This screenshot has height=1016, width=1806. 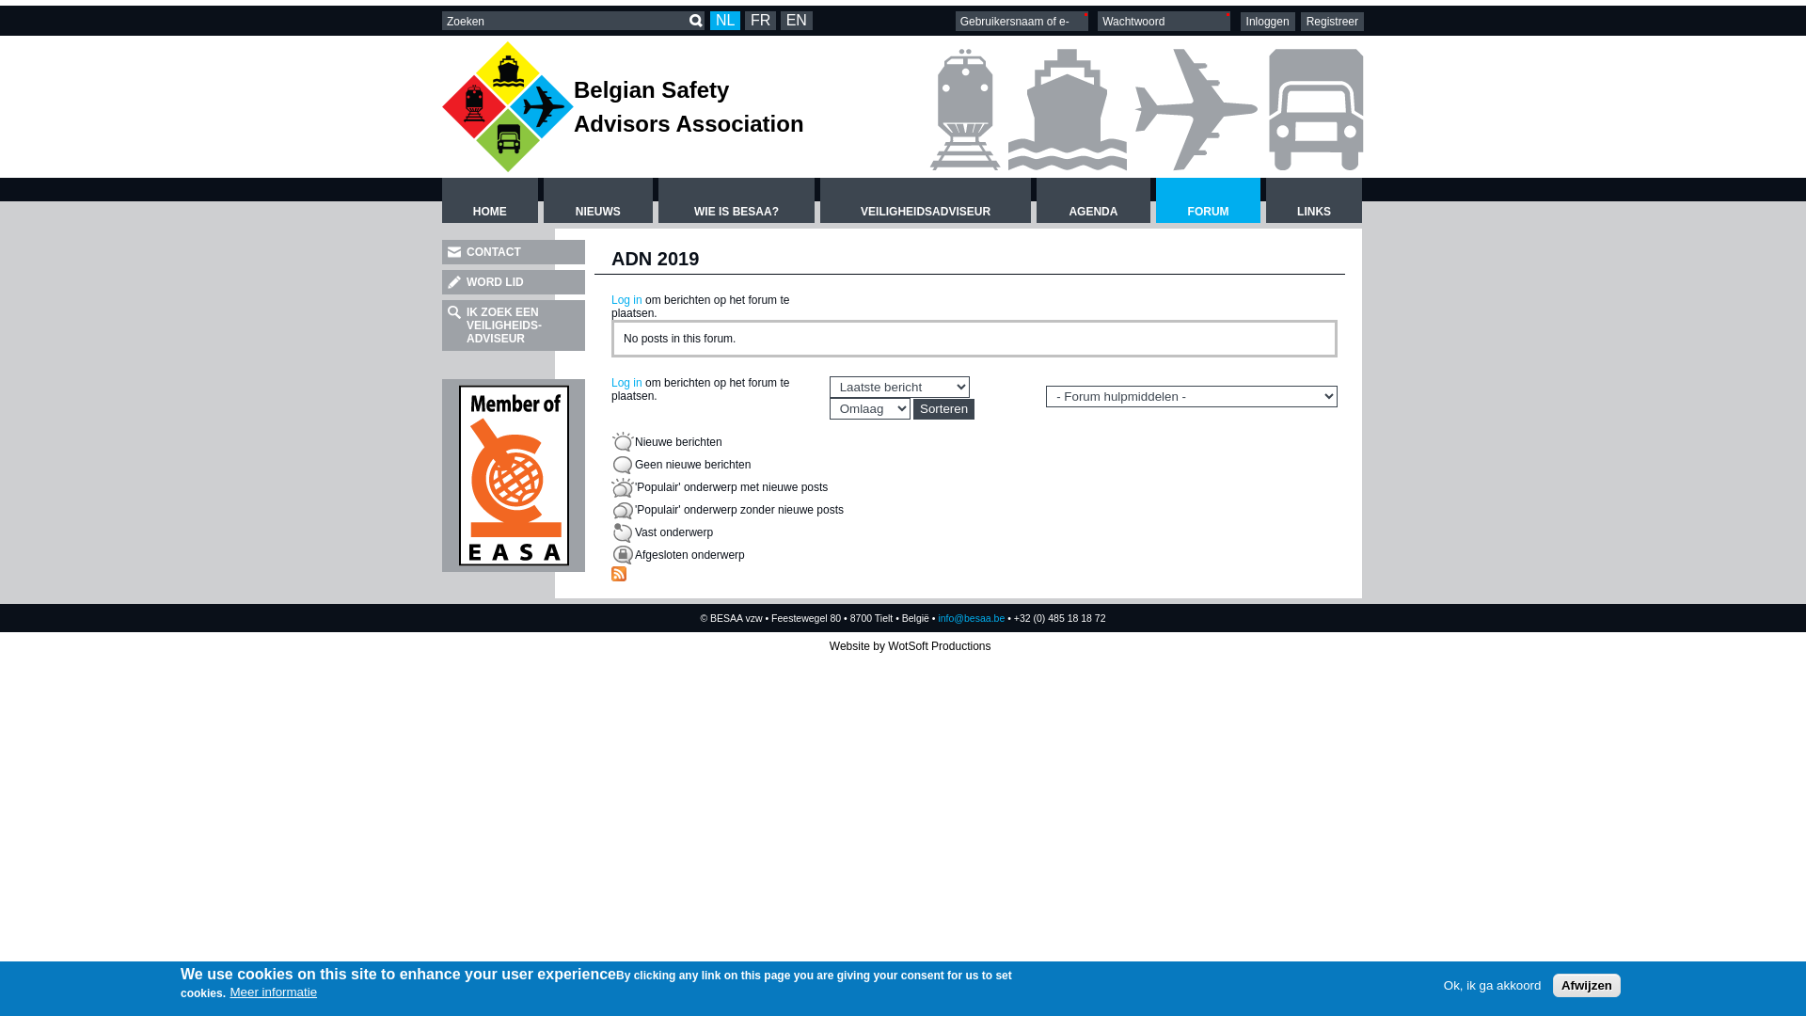 I want to click on 'Sorteren', so click(x=912, y=408).